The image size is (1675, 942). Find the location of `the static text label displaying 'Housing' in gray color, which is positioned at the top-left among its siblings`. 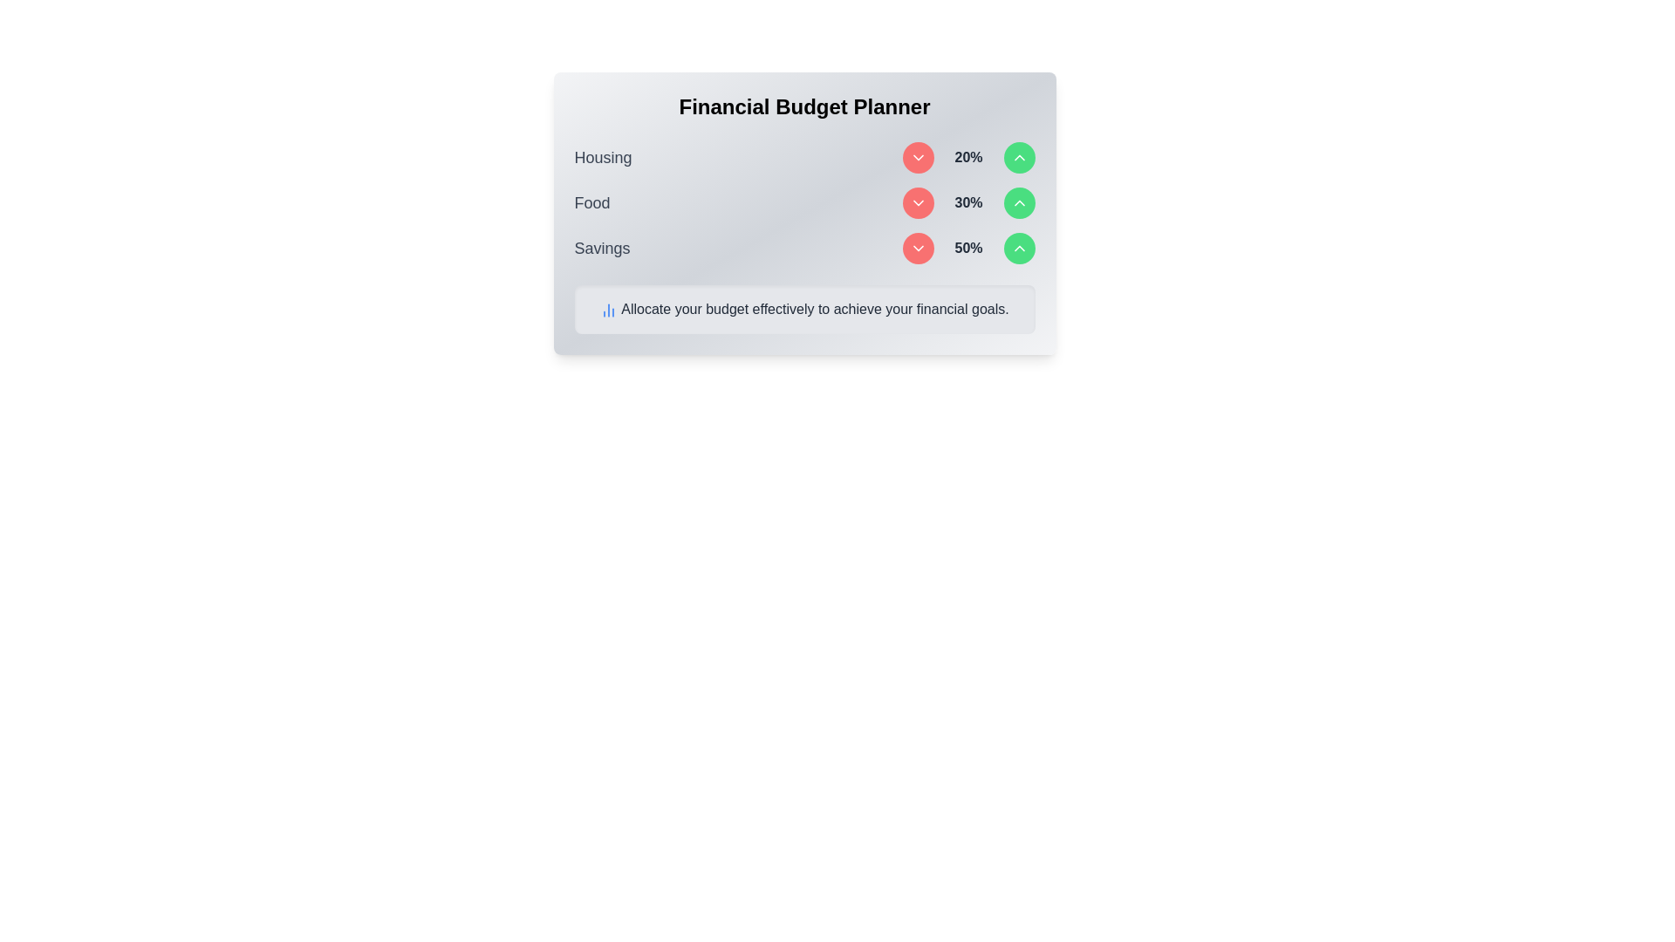

the static text label displaying 'Housing' in gray color, which is positioned at the top-left among its siblings is located at coordinates (603, 158).